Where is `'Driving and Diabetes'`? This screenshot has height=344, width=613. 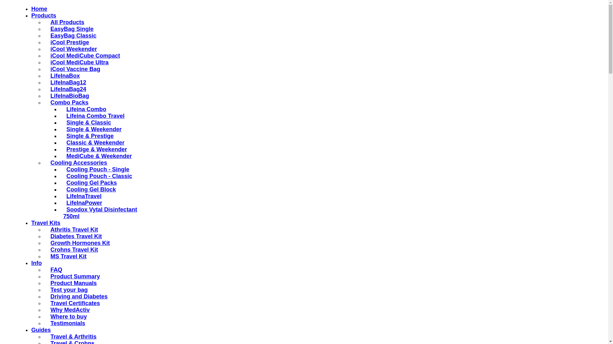
'Driving and Diabetes' is located at coordinates (77, 296).